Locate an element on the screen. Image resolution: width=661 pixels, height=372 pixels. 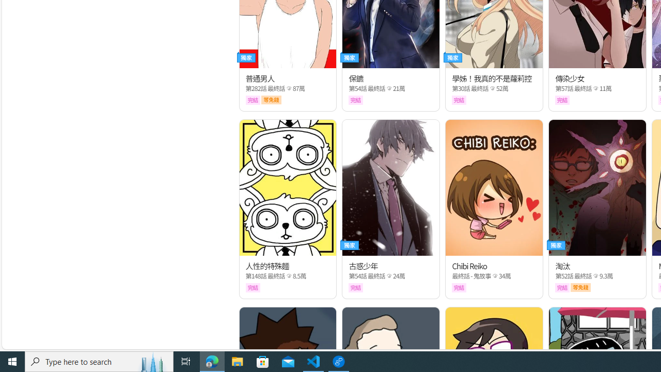
'Class: thumb_img' is located at coordinates (597, 188).